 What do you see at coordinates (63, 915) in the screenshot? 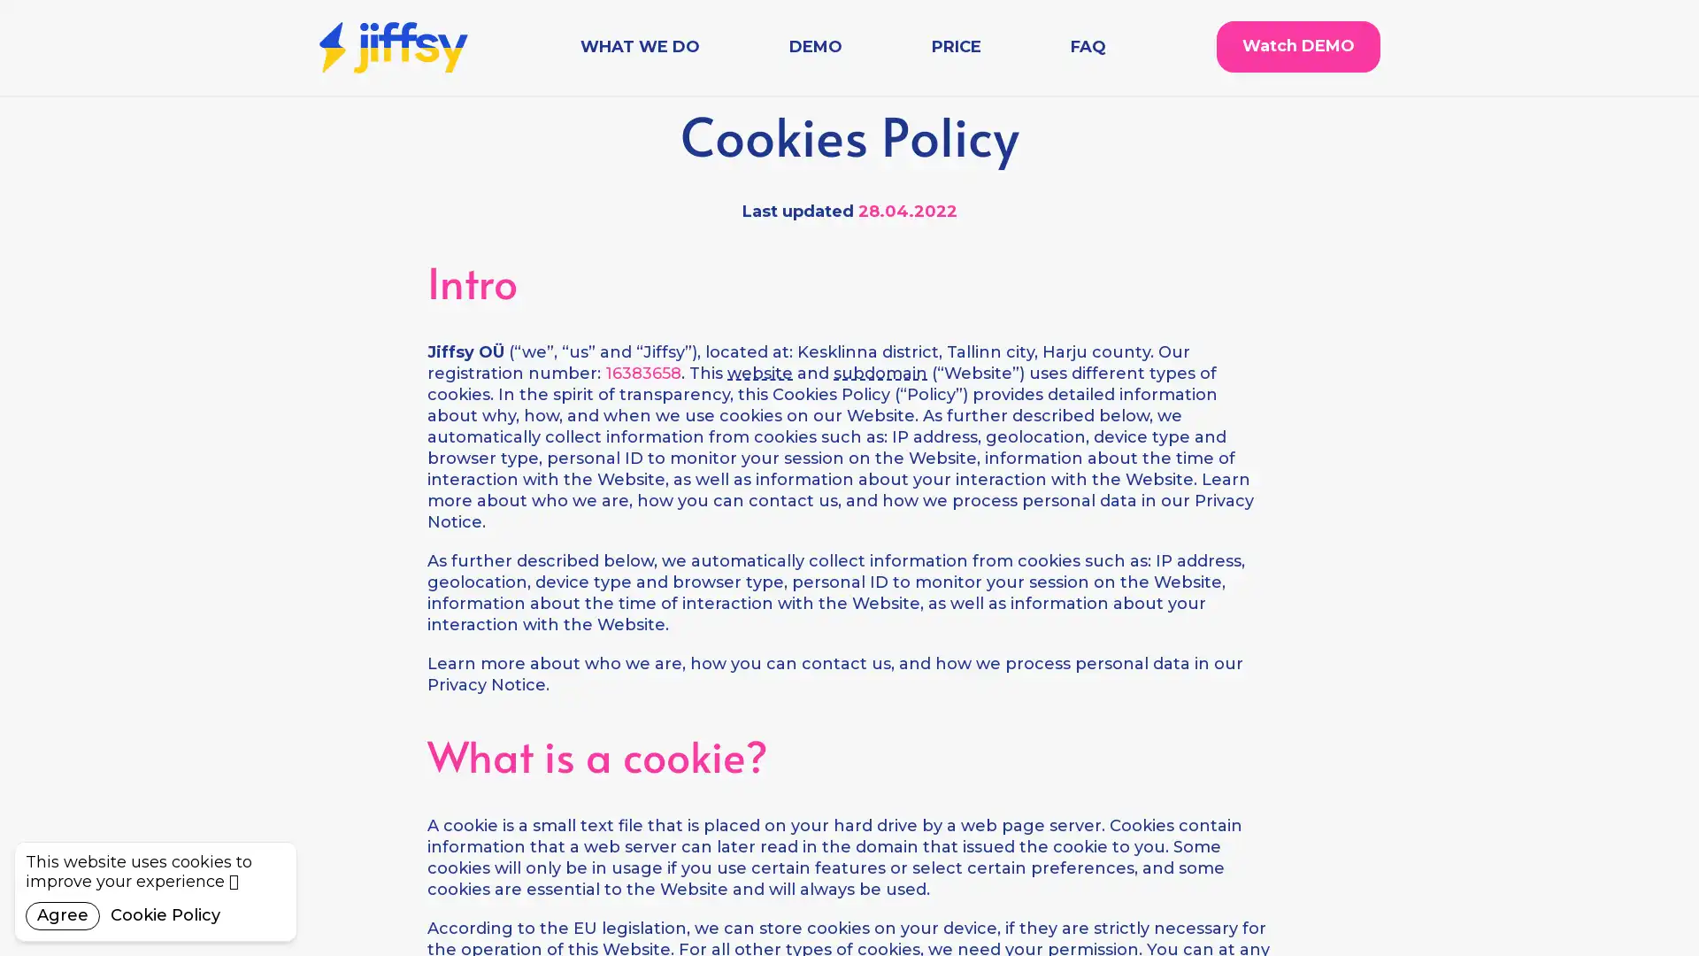
I see `Agree` at bounding box center [63, 915].